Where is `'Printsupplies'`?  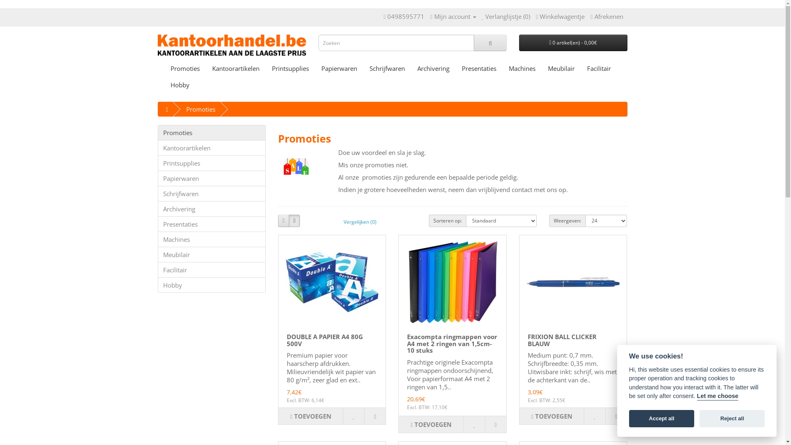 'Printsupplies' is located at coordinates (290, 68).